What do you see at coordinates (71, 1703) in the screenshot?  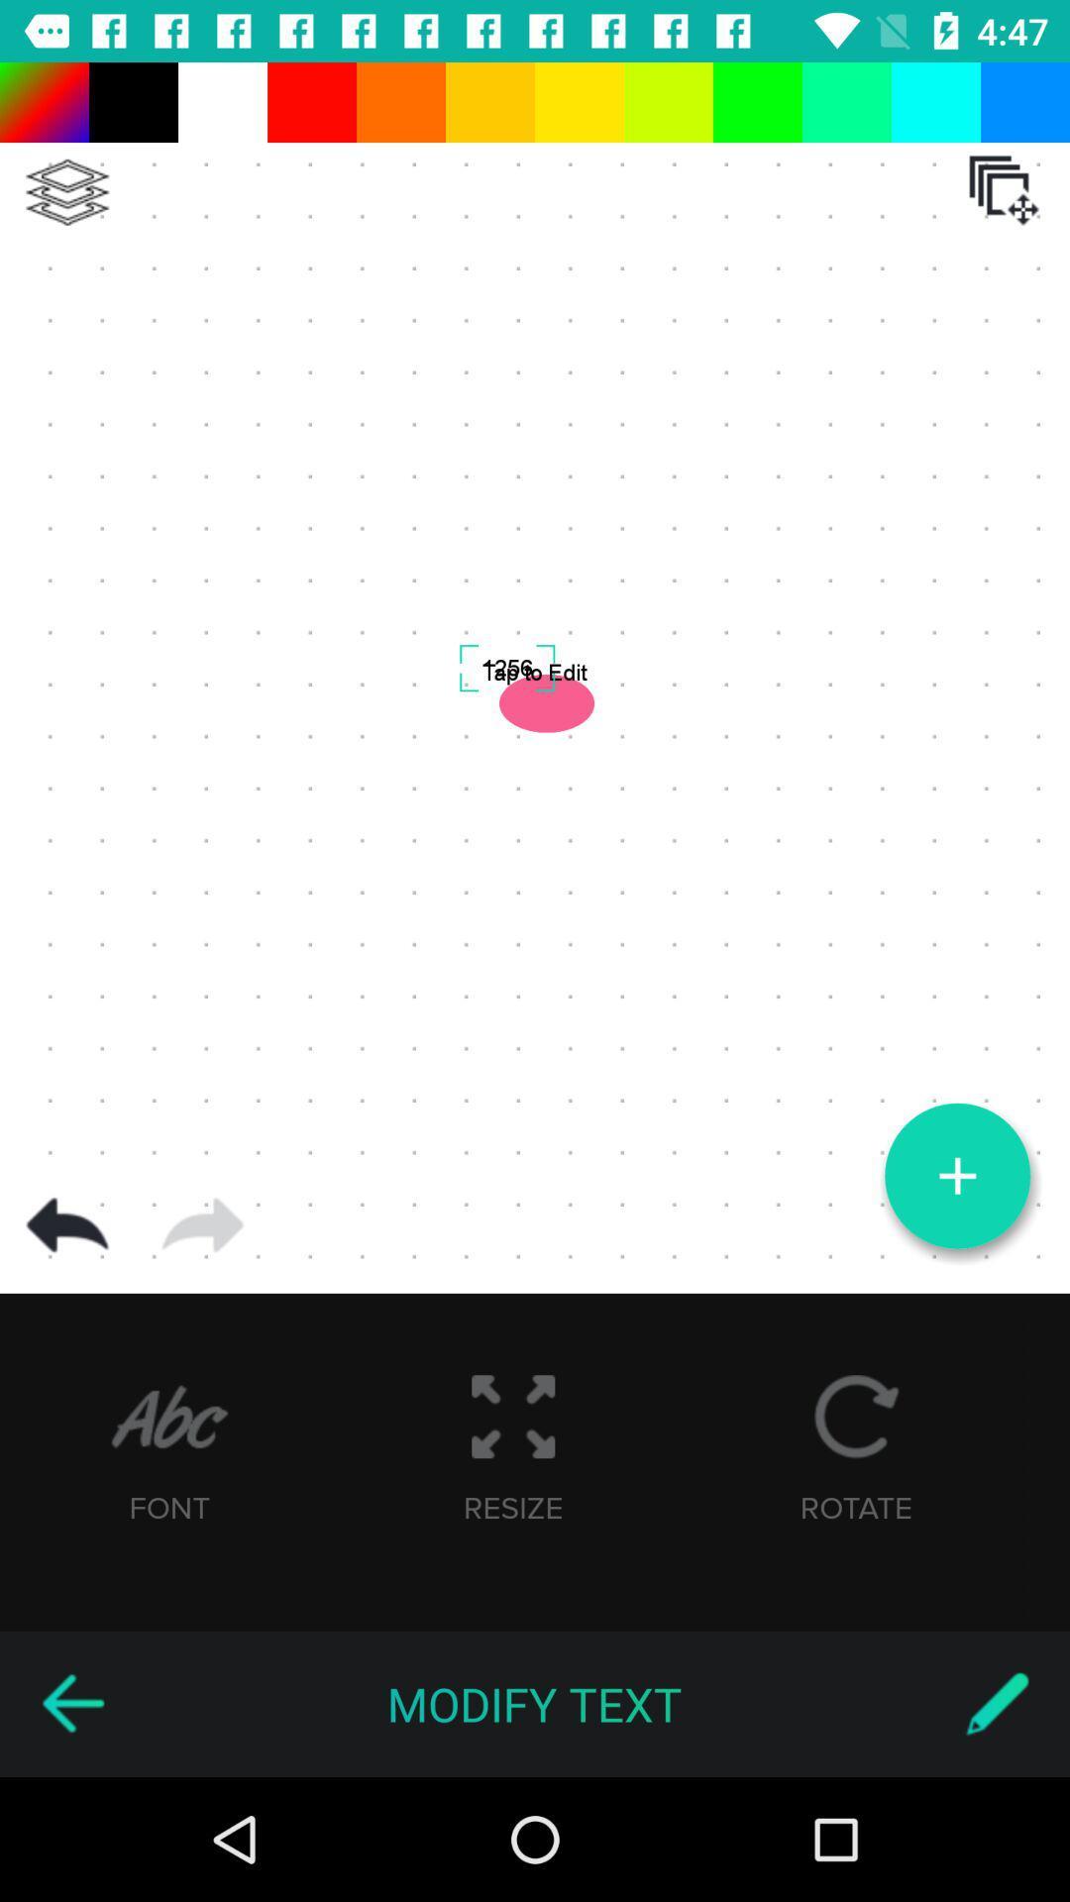 I see `previous` at bounding box center [71, 1703].